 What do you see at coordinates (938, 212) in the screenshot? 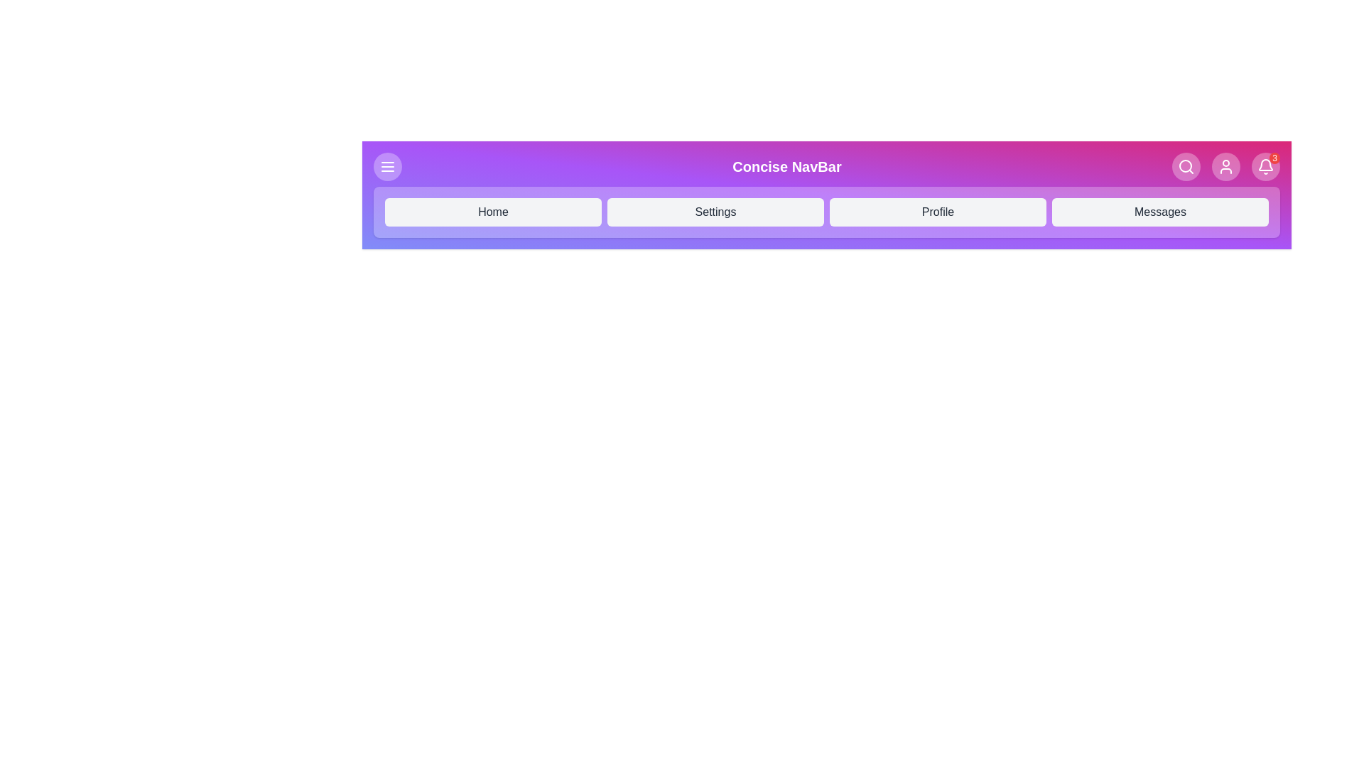
I see `the navigation menu item Profile` at bounding box center [938, 212].